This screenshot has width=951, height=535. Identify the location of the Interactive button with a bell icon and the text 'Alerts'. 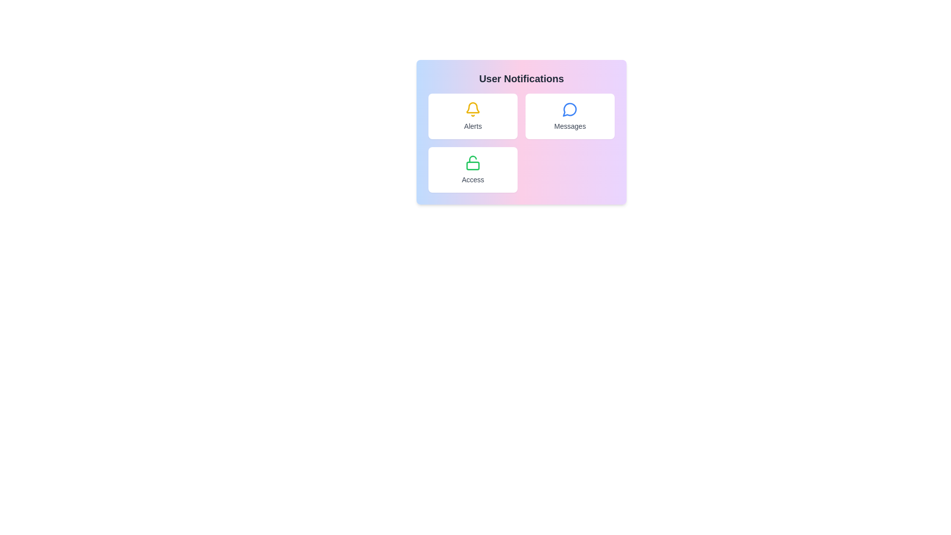
(473, 116).